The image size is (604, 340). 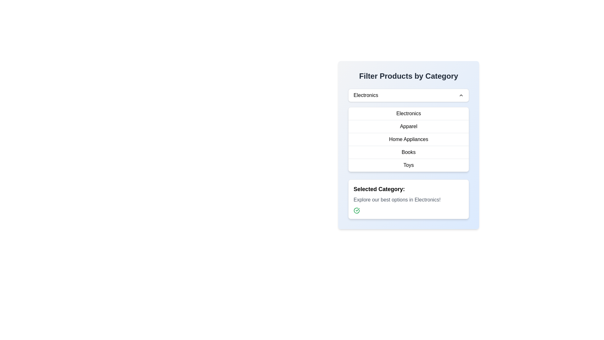 I want to click on the confirmation icon located below the text 'Explore our best options in Electronics!' within the 'Selected Category' card, so click(x=356, y=210).